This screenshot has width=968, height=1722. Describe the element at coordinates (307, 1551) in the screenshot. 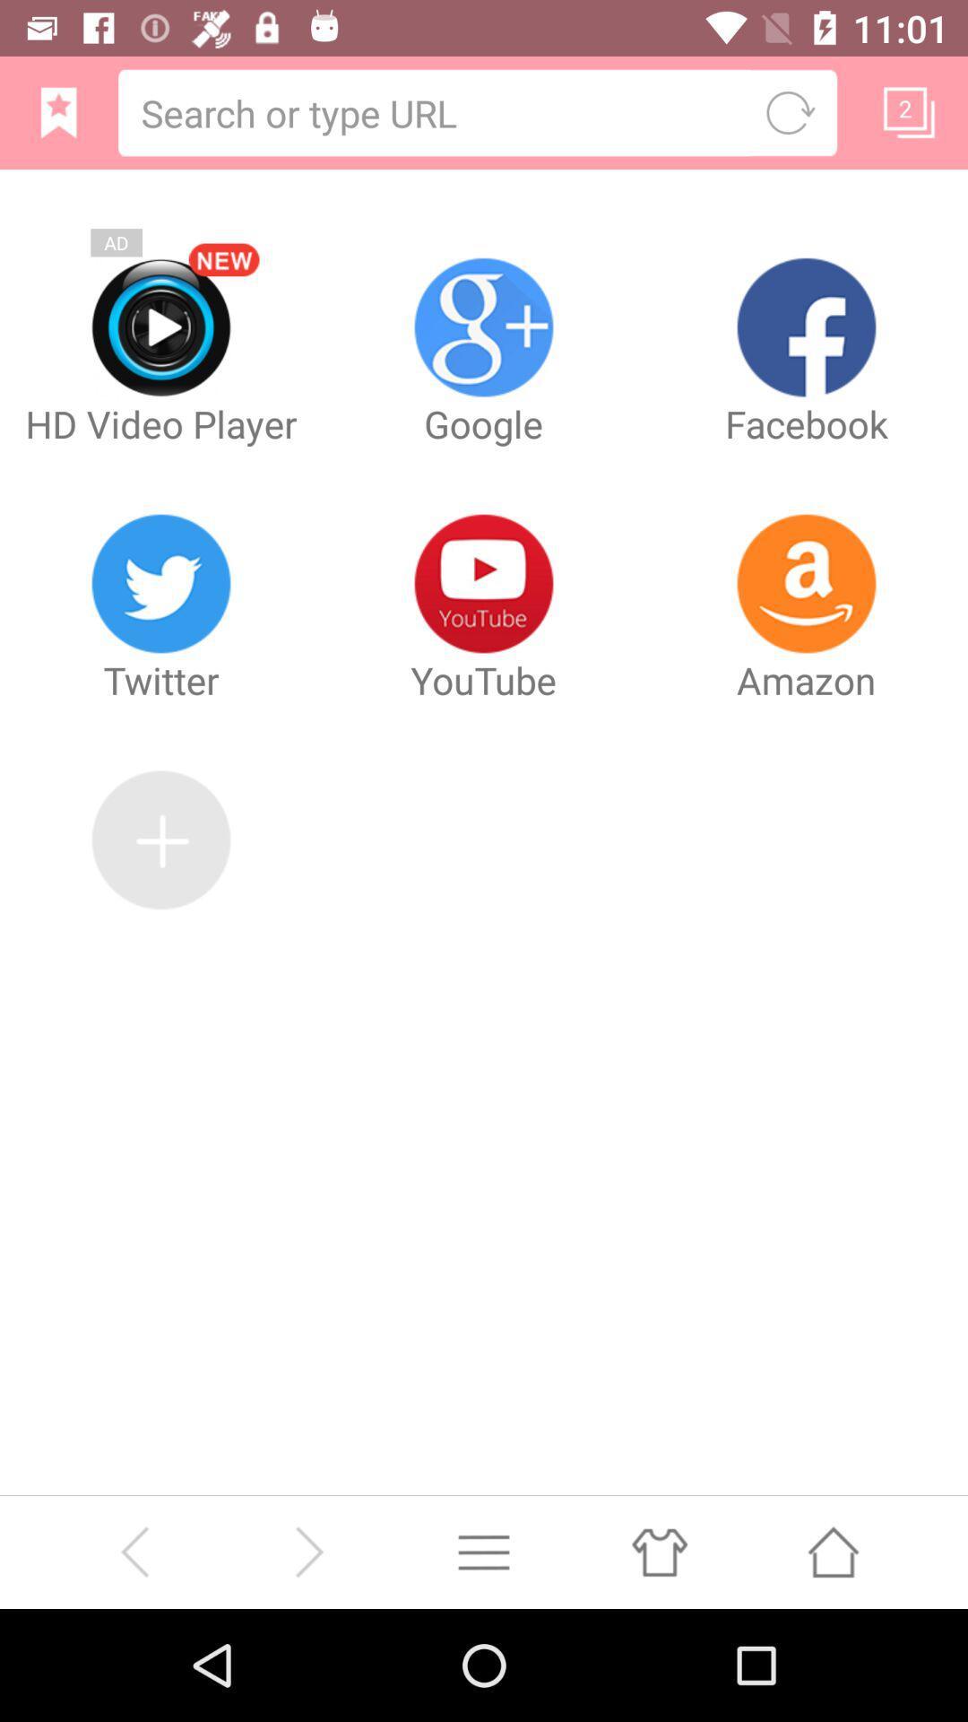

I see `next page` at that location.